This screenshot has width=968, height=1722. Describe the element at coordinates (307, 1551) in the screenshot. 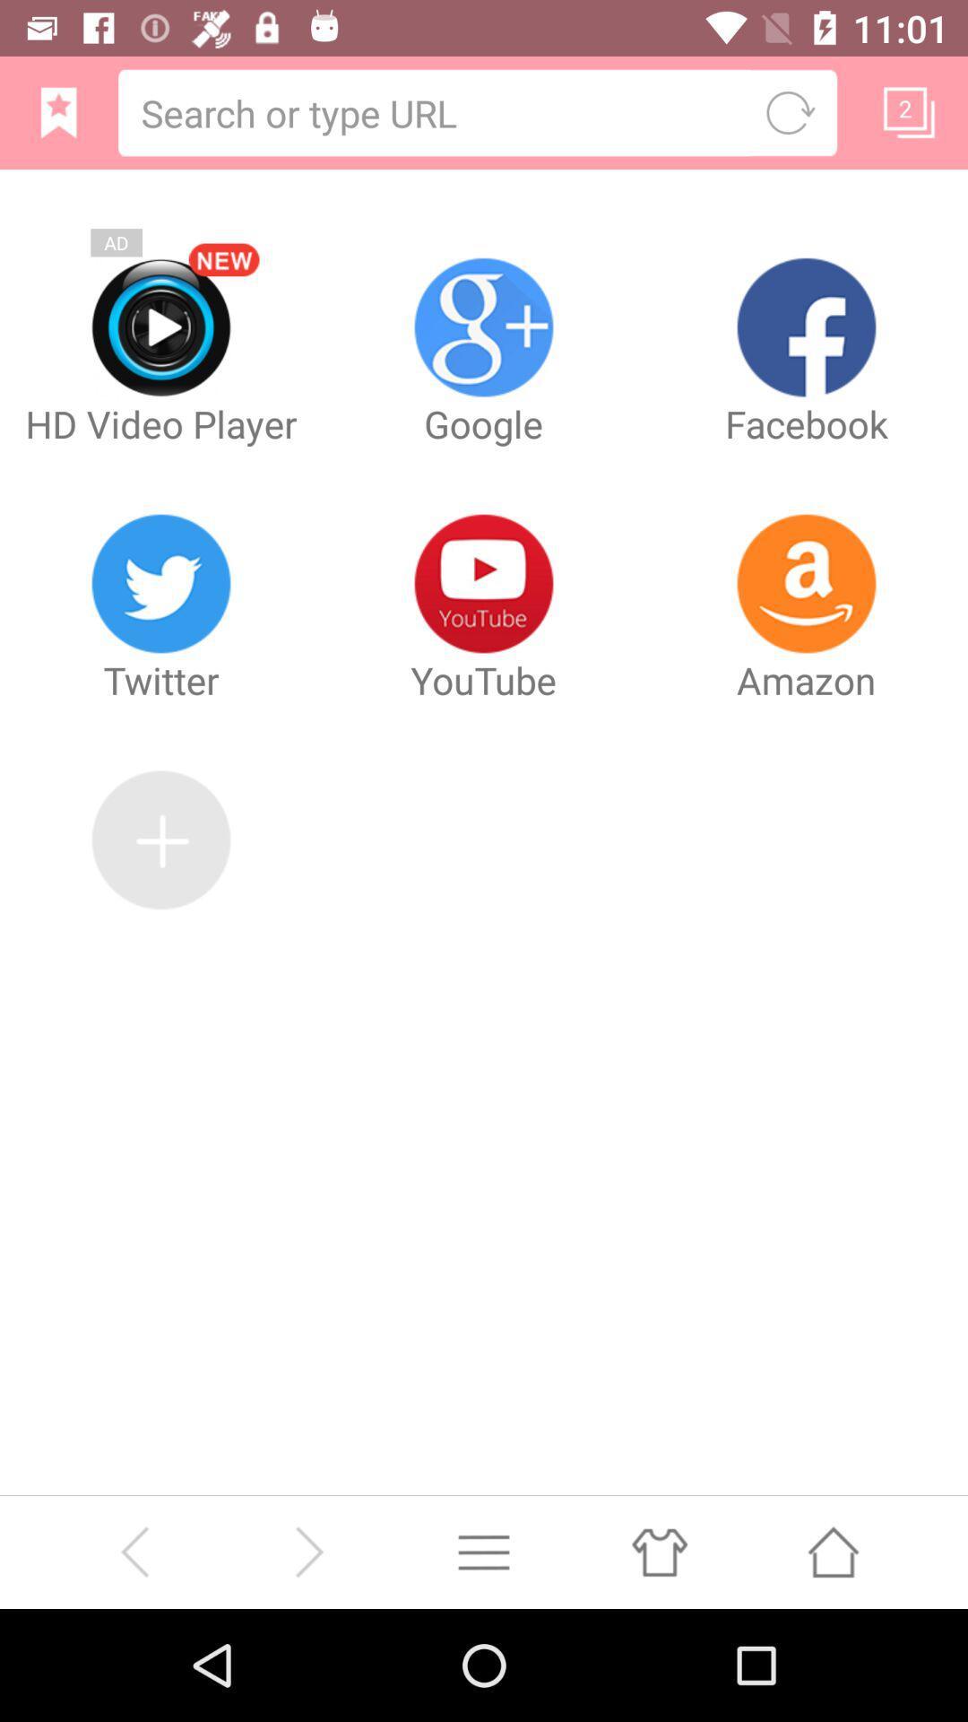

I see `next page` at that location.